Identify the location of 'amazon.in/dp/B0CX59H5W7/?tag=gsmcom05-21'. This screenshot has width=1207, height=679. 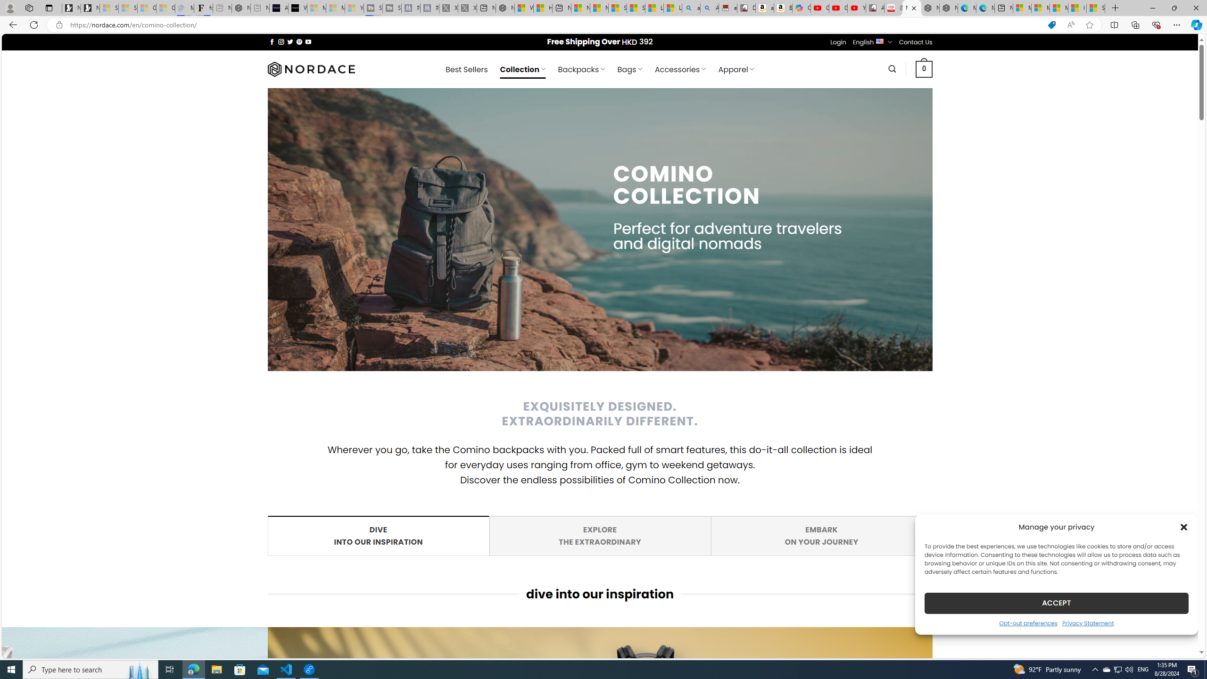
(709, 8).